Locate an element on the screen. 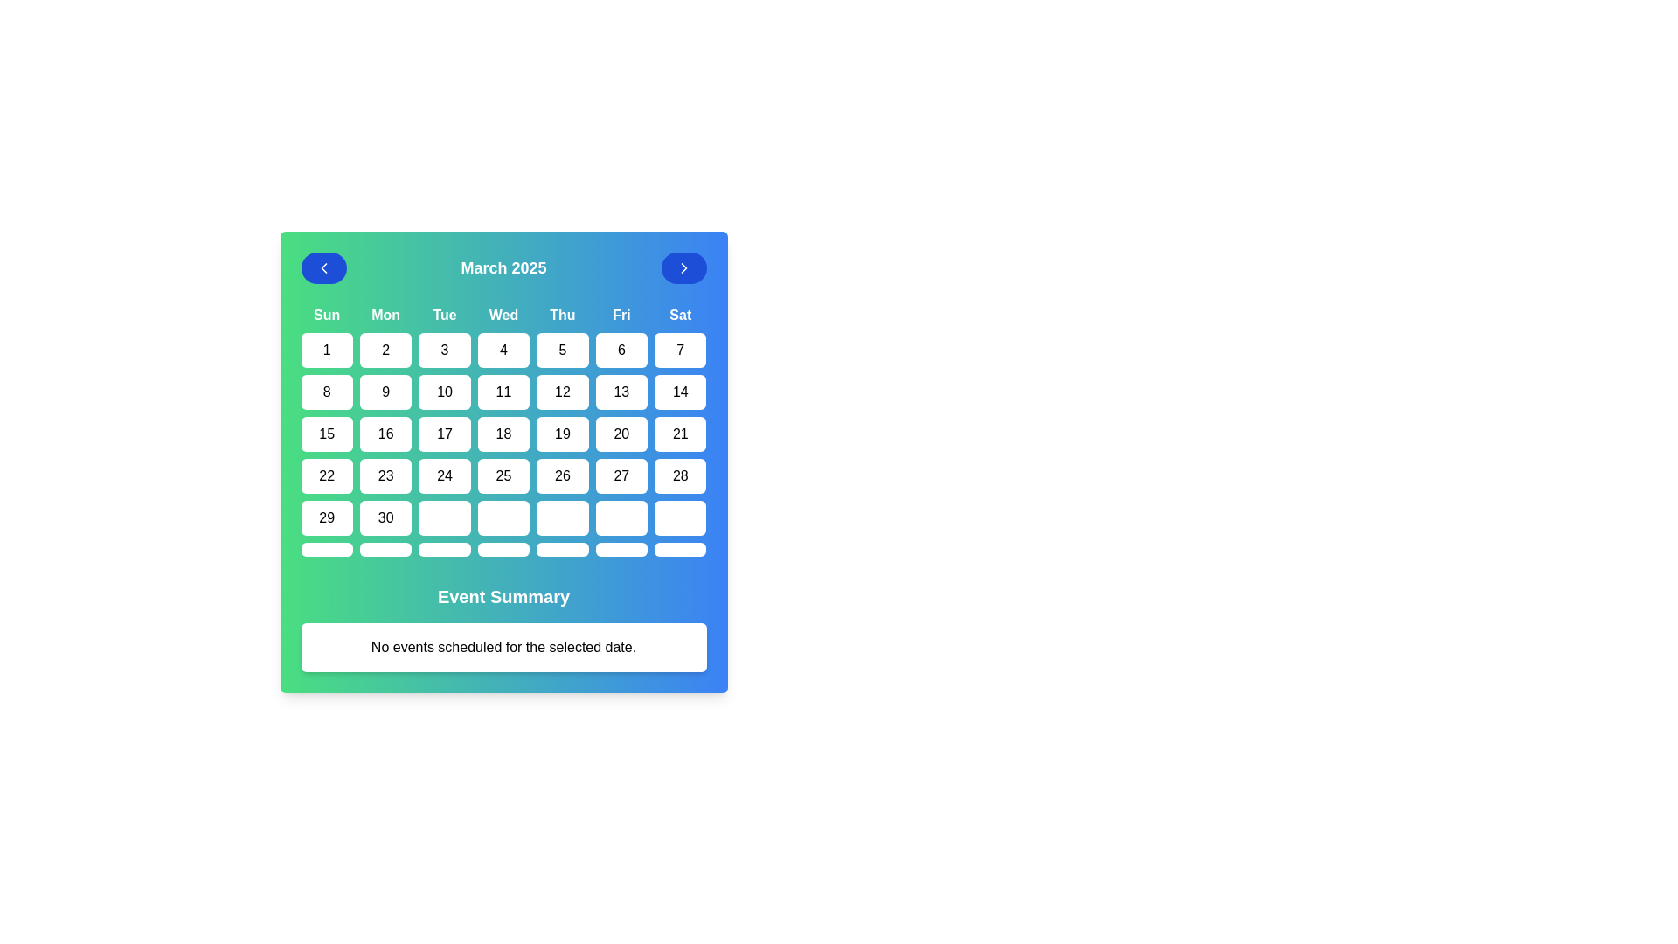  the button displaying the number '25' inside a white rectangular button with rounded corners and black text, located in the sixth column and fourth row of the calendar grid under the 'Wed' header is located at coordinates (503, 475).